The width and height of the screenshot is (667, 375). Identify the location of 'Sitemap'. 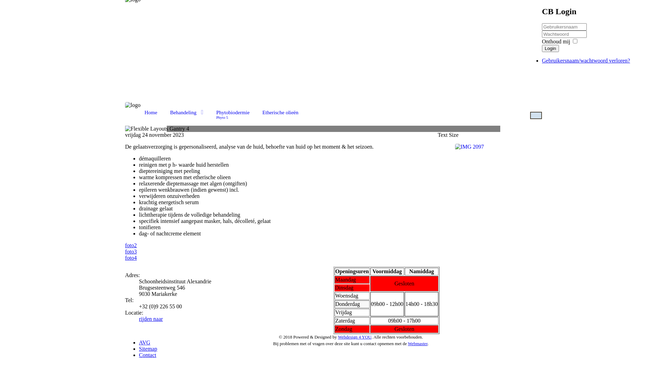
(148, 349).